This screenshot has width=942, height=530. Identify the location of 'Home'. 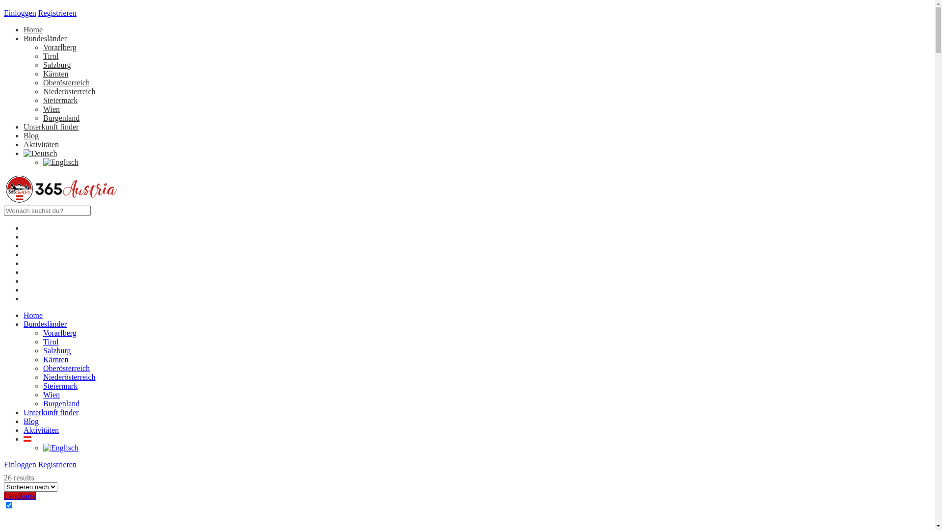
(33, 29).